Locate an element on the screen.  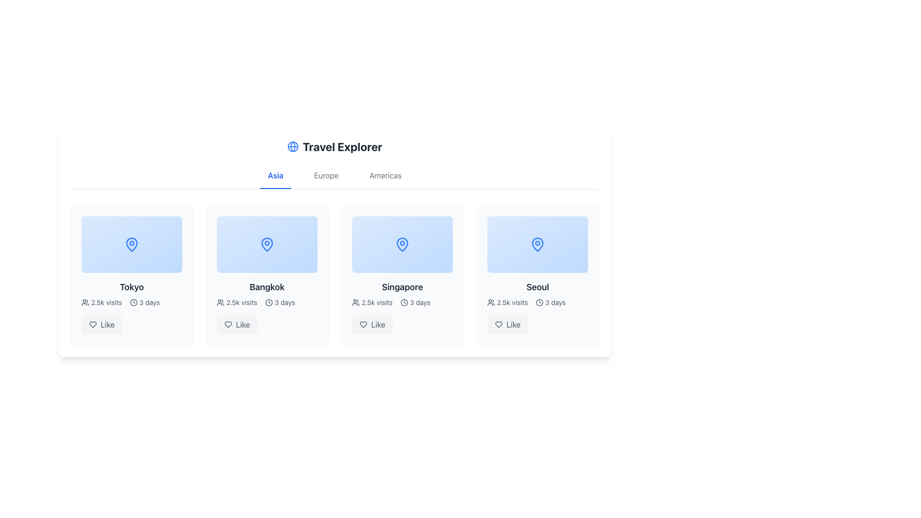
the text label displaying '2.5k visits' located under the city name 'Bangkok' in the middle card of a horizontal group of cards is located at coordinates (242, 303).